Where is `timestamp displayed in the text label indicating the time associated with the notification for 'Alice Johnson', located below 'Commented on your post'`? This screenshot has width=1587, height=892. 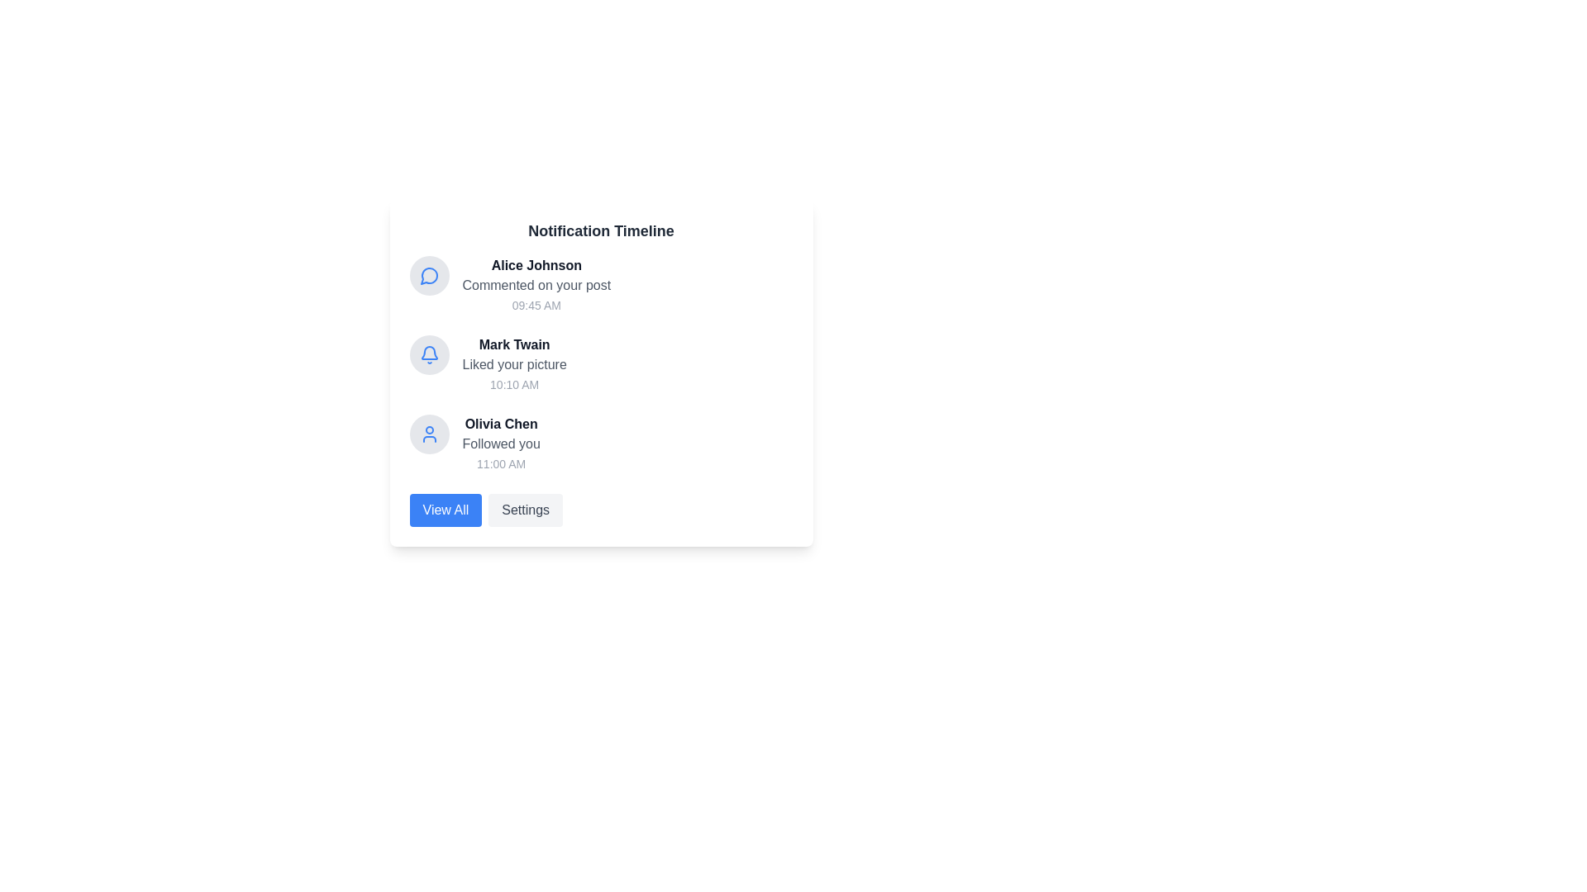
timestamp displayed in the text label indicating the time associated with the notification for 'Alice Johnson', located below 'Commented on your post' is located at coordinates (536, 306).